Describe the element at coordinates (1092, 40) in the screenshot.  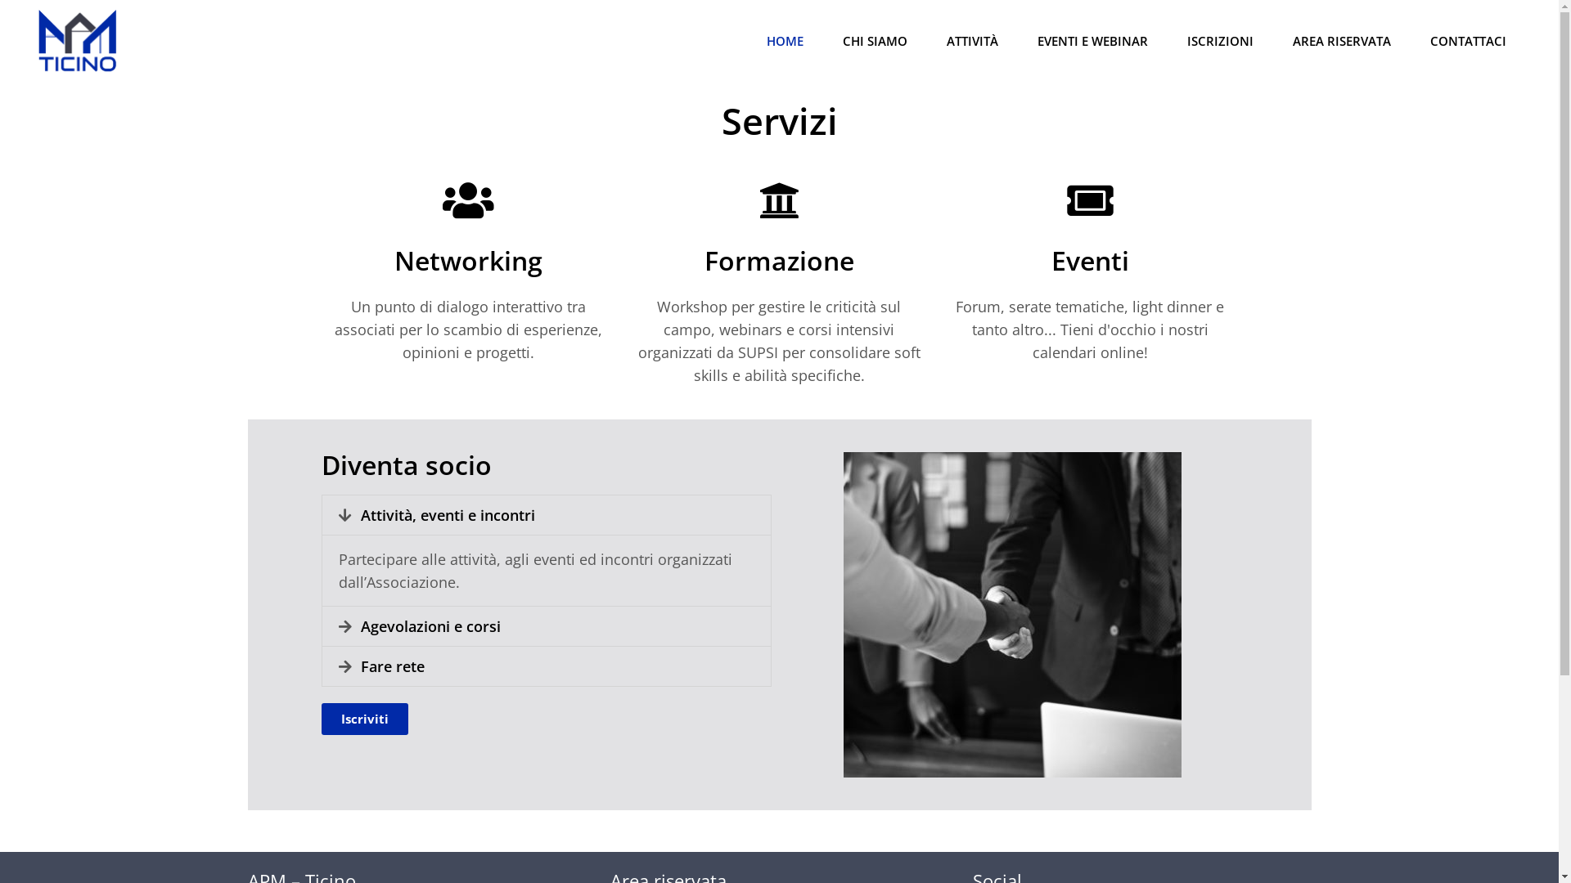
I see `'EVENTI E WEBINAR'` at that location.